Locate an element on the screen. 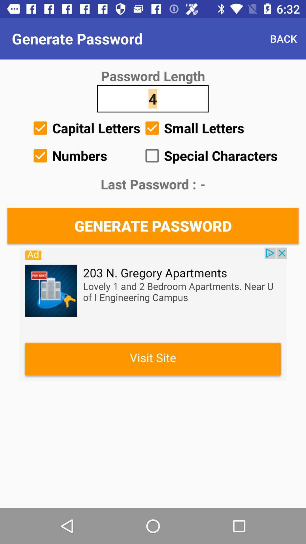 The image size is (306, 544). open particular website is located at coordinates (153, 314).